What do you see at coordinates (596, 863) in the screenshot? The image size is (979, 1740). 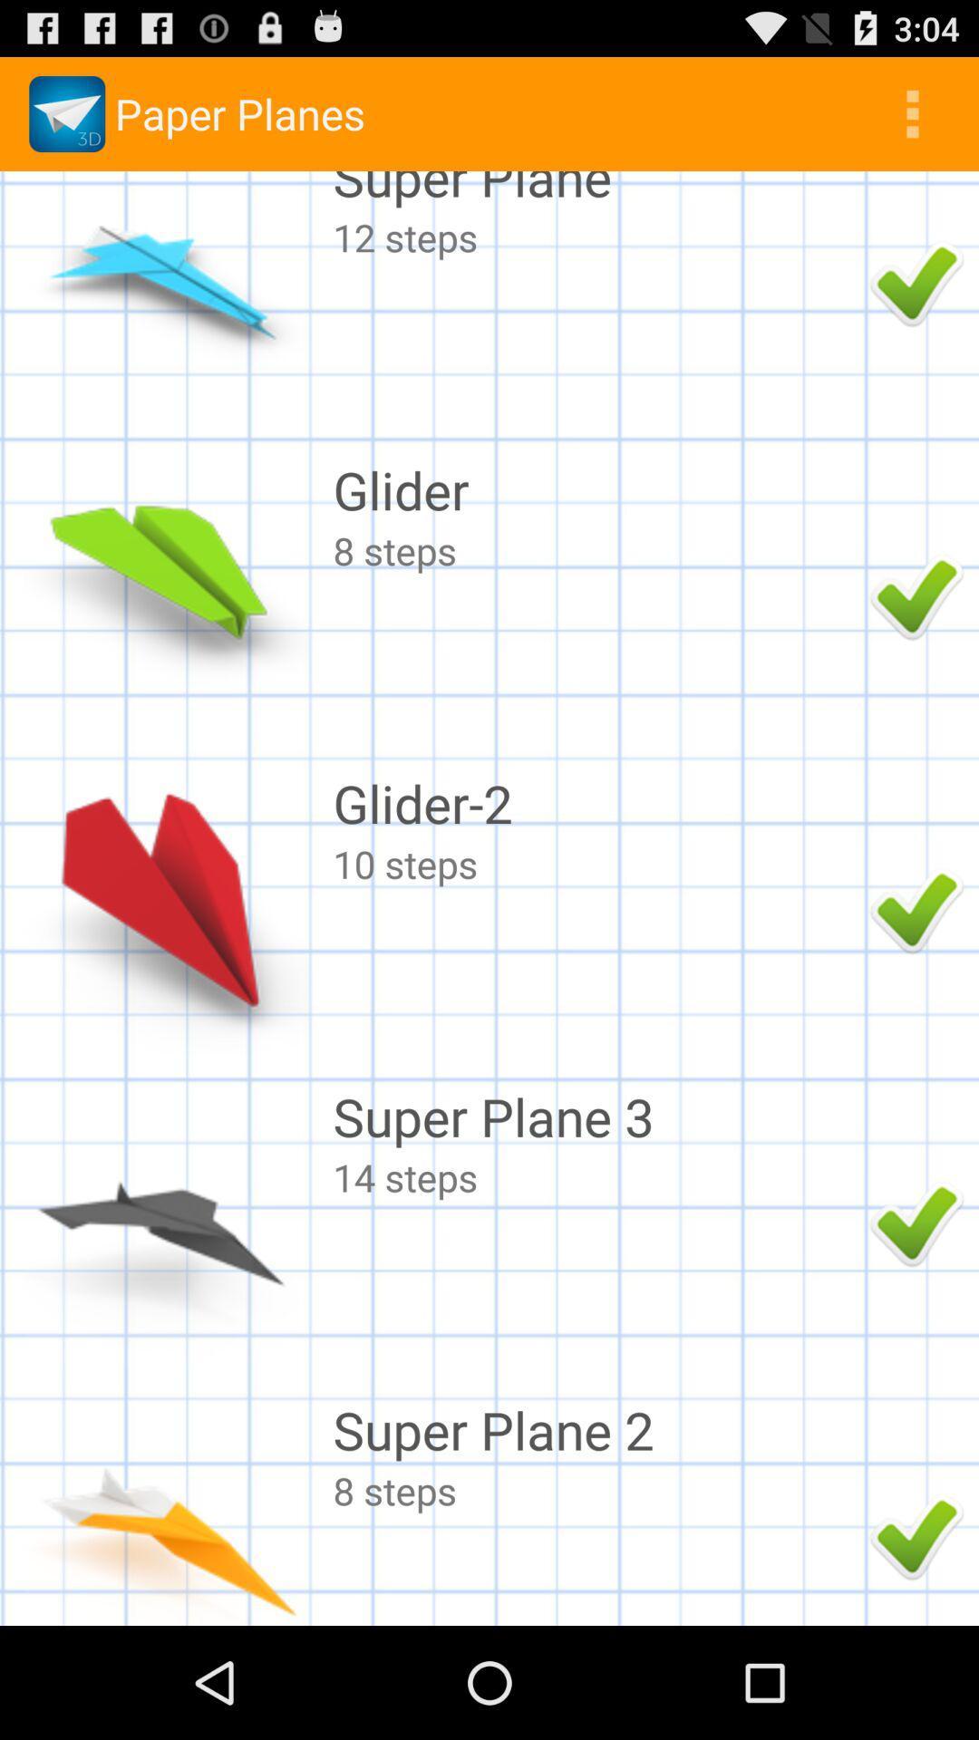 I see `the 10 steps` at bounding box center [596, 863].